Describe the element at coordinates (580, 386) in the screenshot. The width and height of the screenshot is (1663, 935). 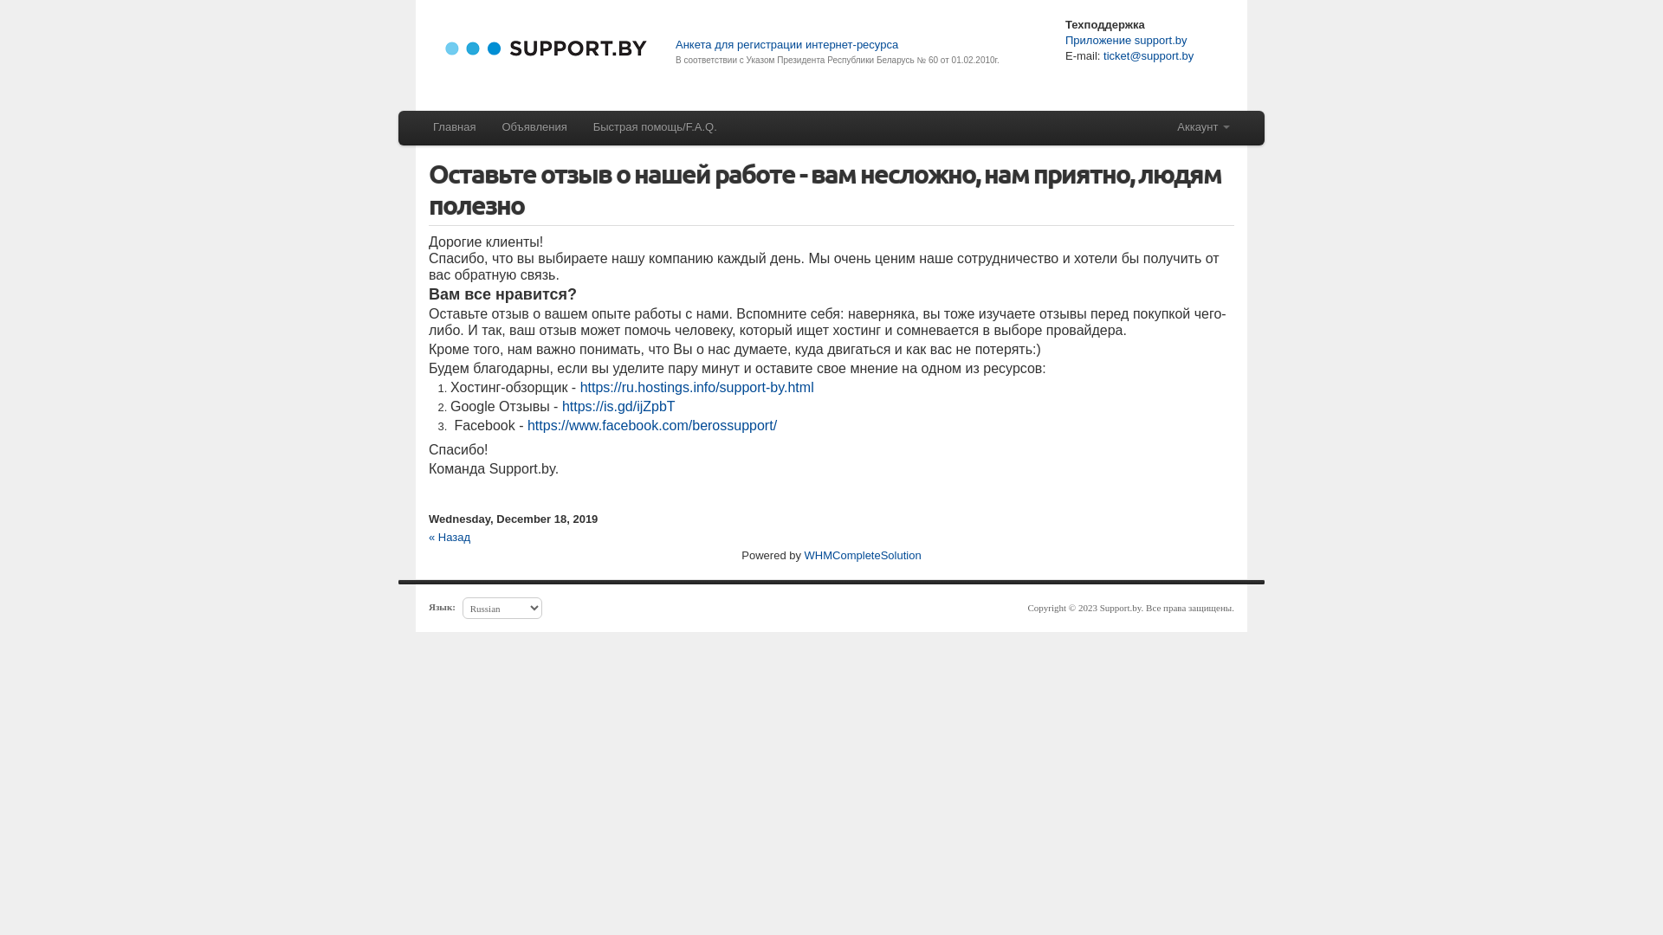
I see `'https://ru.hostings.info/support-by.html'` at that location.